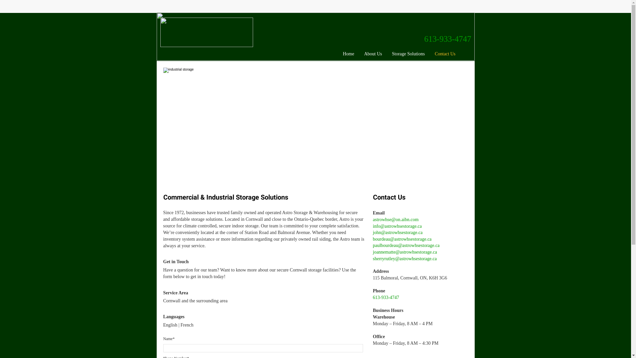  Describe the element at coordinates (397, 232) in the screenshot. I see `'john@astrowhsestorage.ca'` at that location.